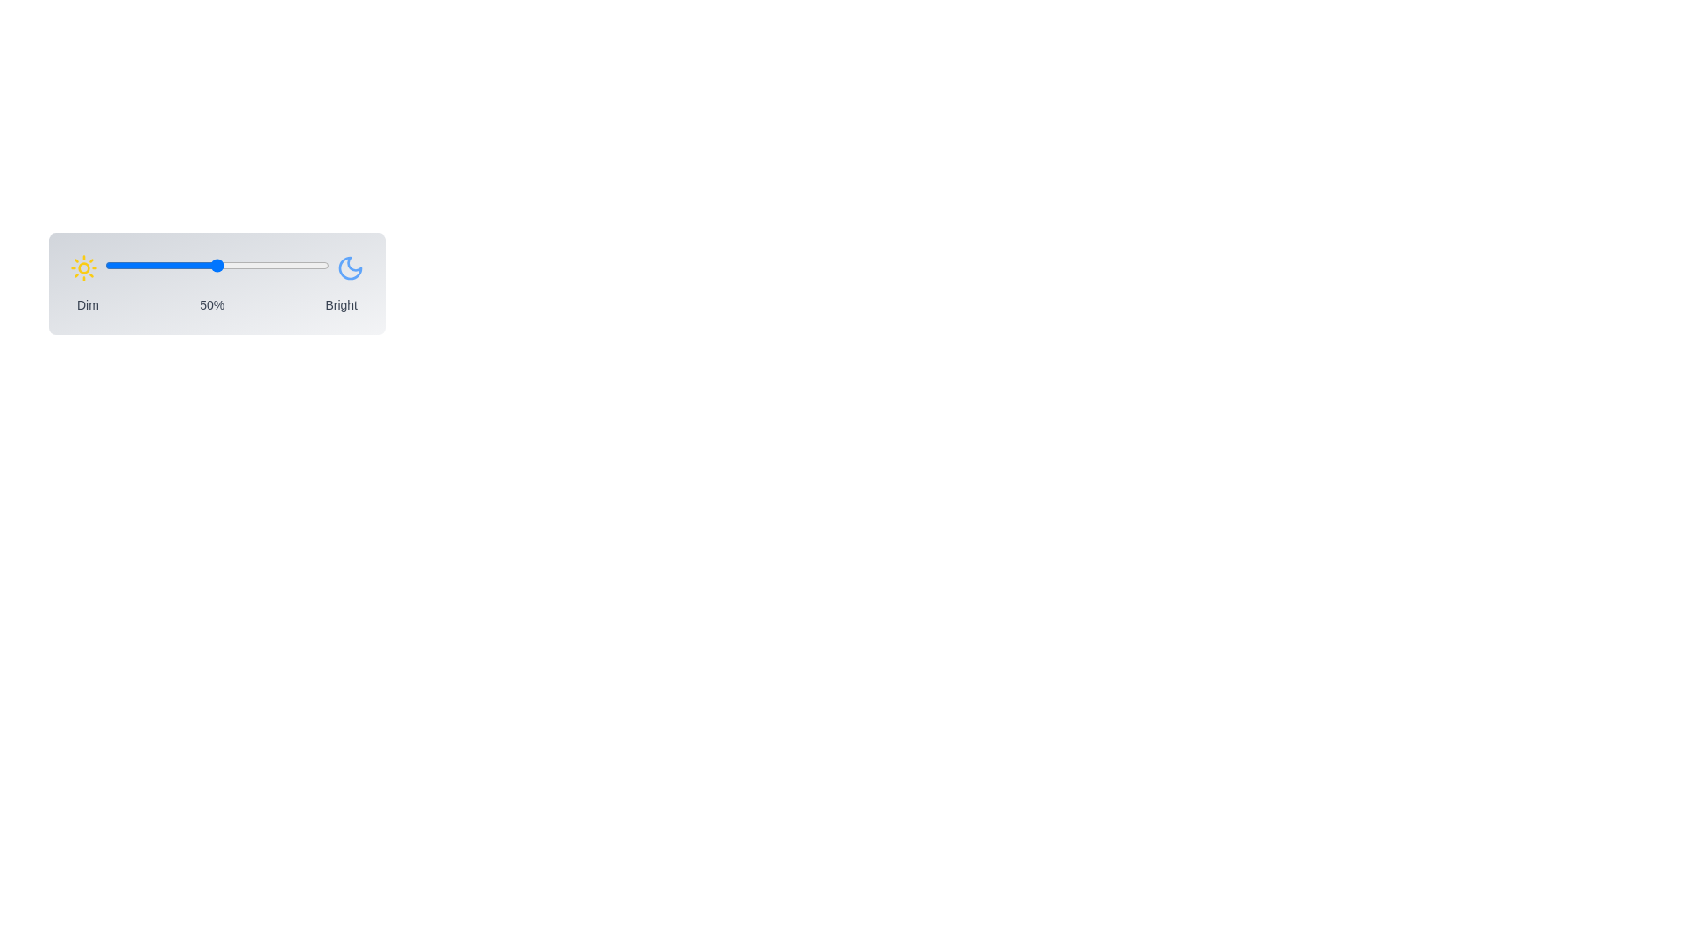  I want to click on the moon icon to toggle the lighting mode, so click(350, 267).